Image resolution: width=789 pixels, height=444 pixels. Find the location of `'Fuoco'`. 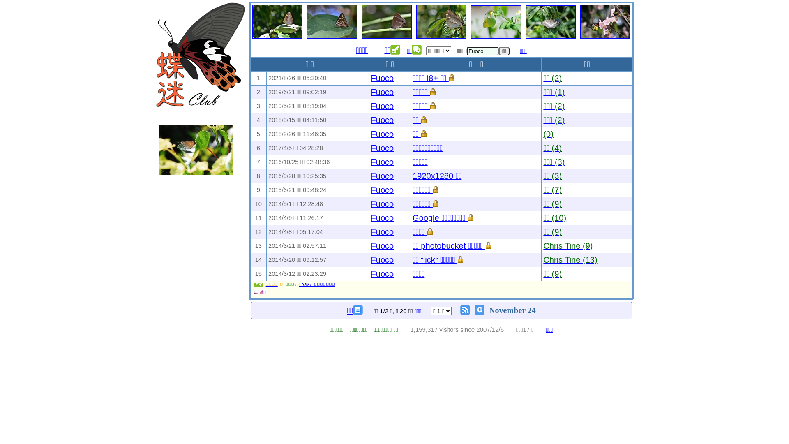

'Fuoco' is located at coordinates (382, 203).